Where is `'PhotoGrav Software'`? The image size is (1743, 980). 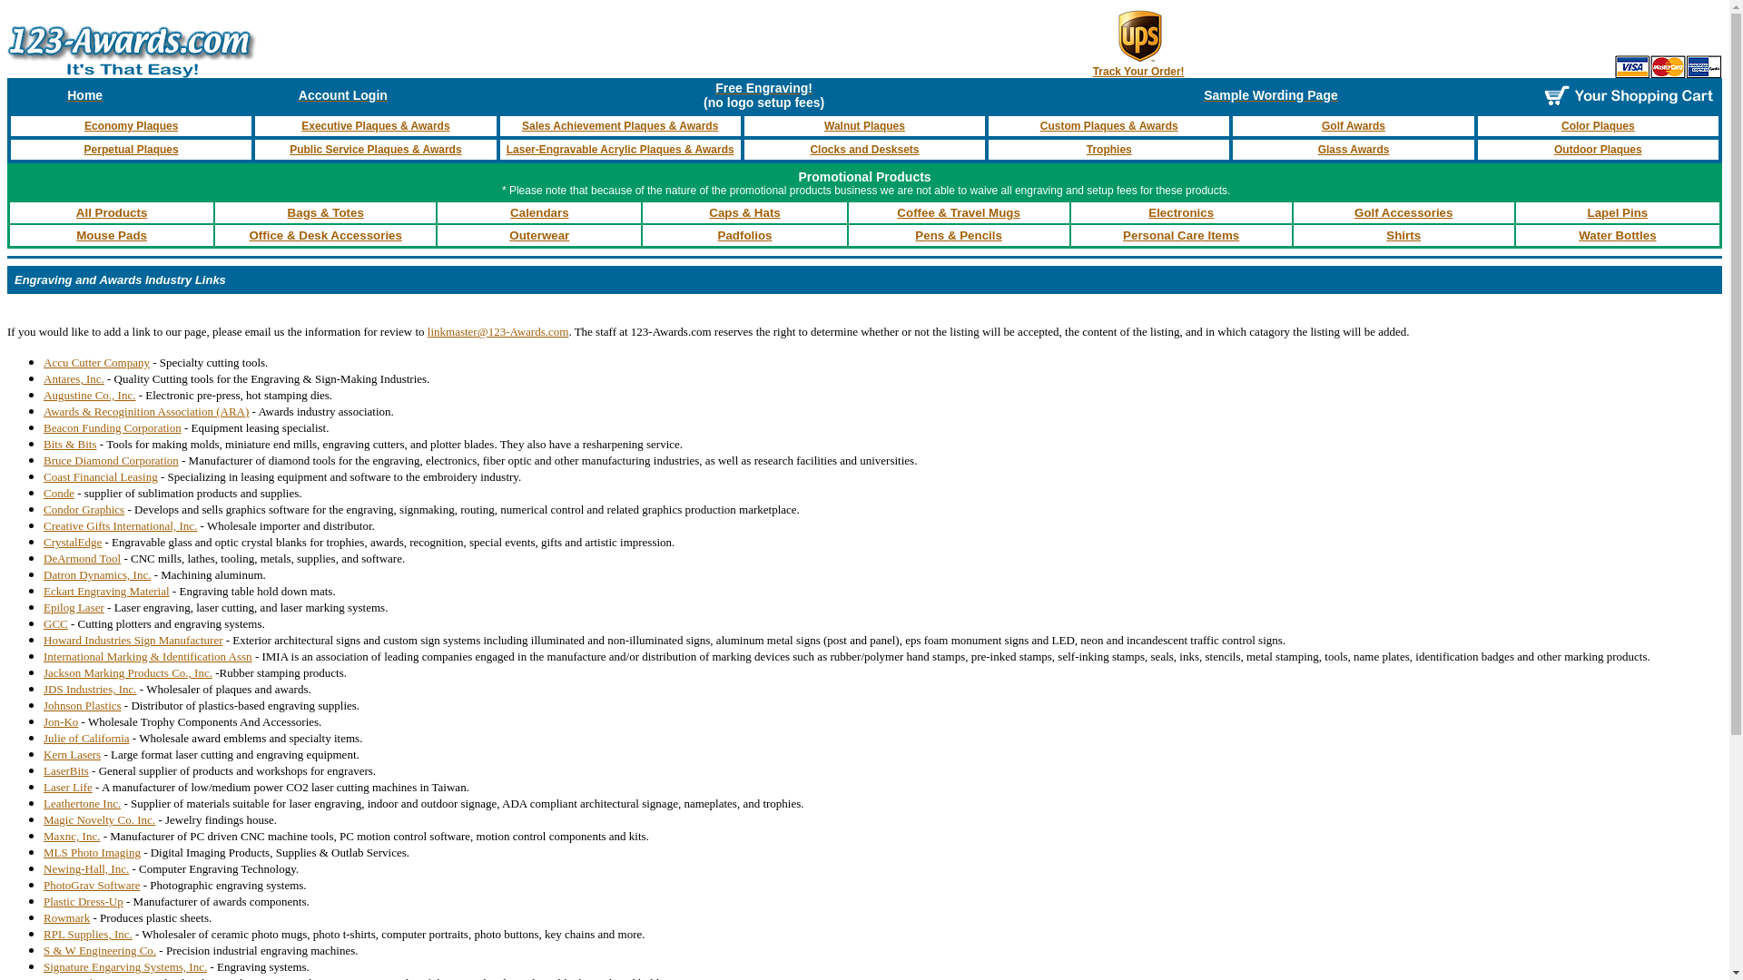 'PhotoGrav Software' is located at coordinates (91, 884).